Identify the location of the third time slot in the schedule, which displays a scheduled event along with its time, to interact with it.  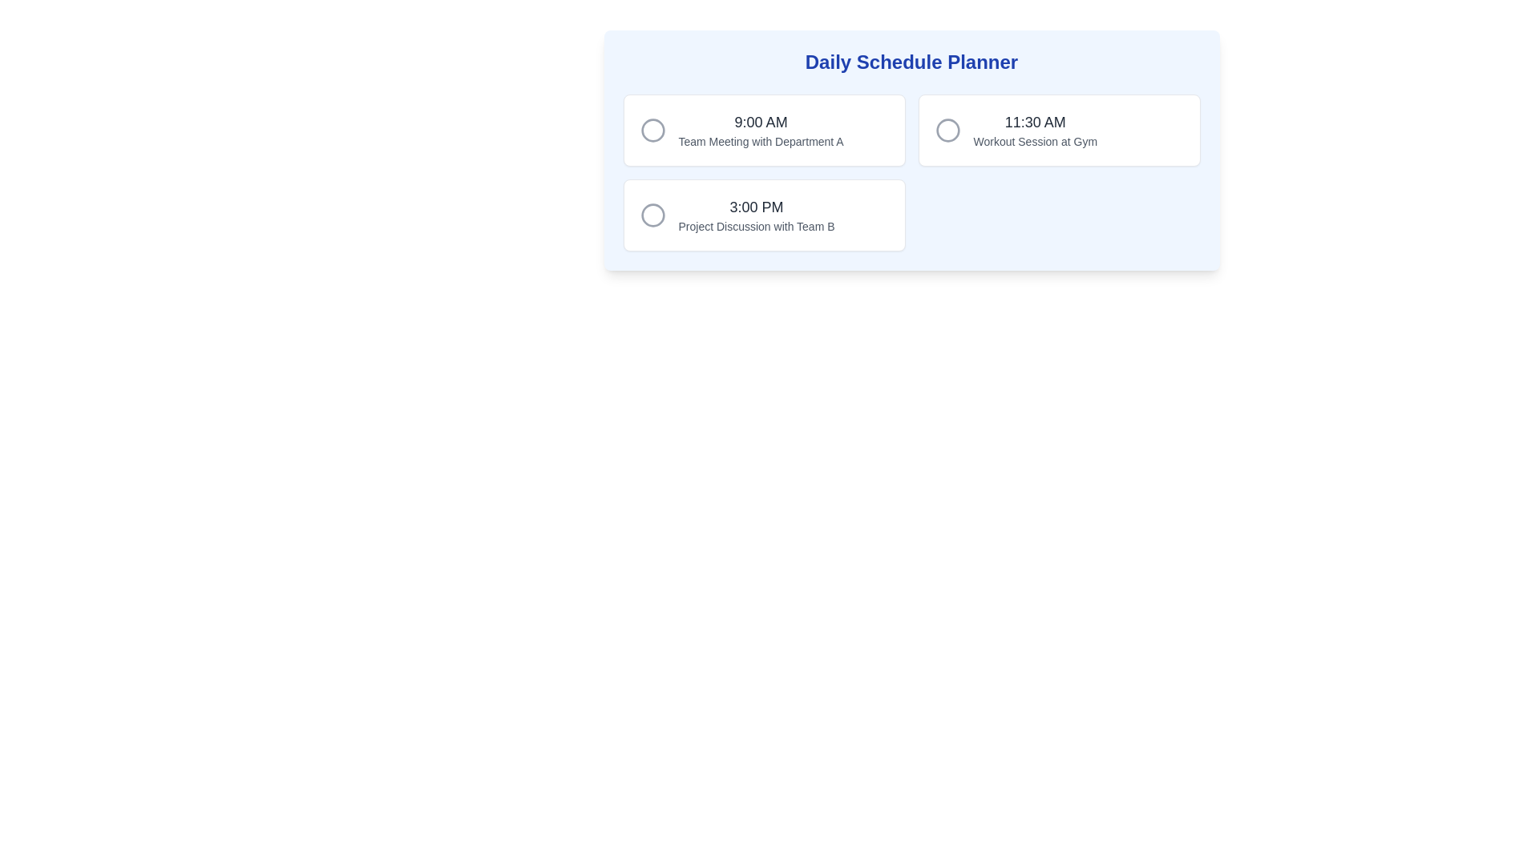
(756, 215).